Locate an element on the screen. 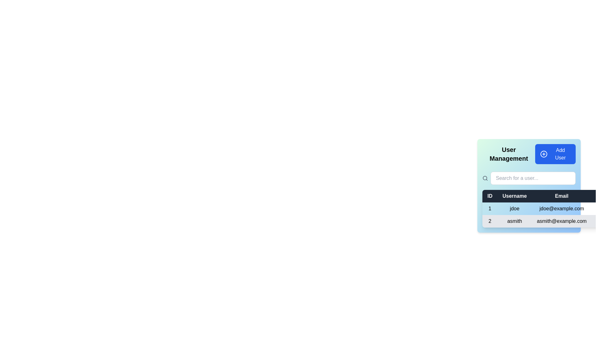 The width and height of the screenshot is (603, 339). the Text label displaying the username 'jdoe' in the second column of the row with ID '1' in the user management table is located at coordinates (514, 208).